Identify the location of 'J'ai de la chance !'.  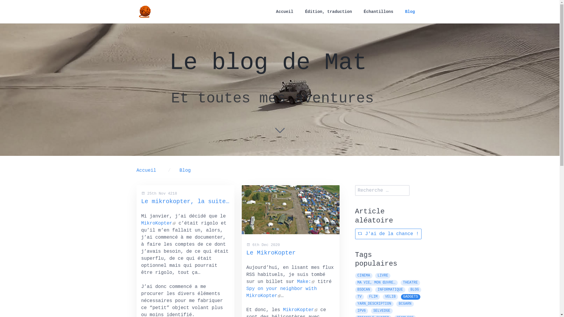
(388, 234).